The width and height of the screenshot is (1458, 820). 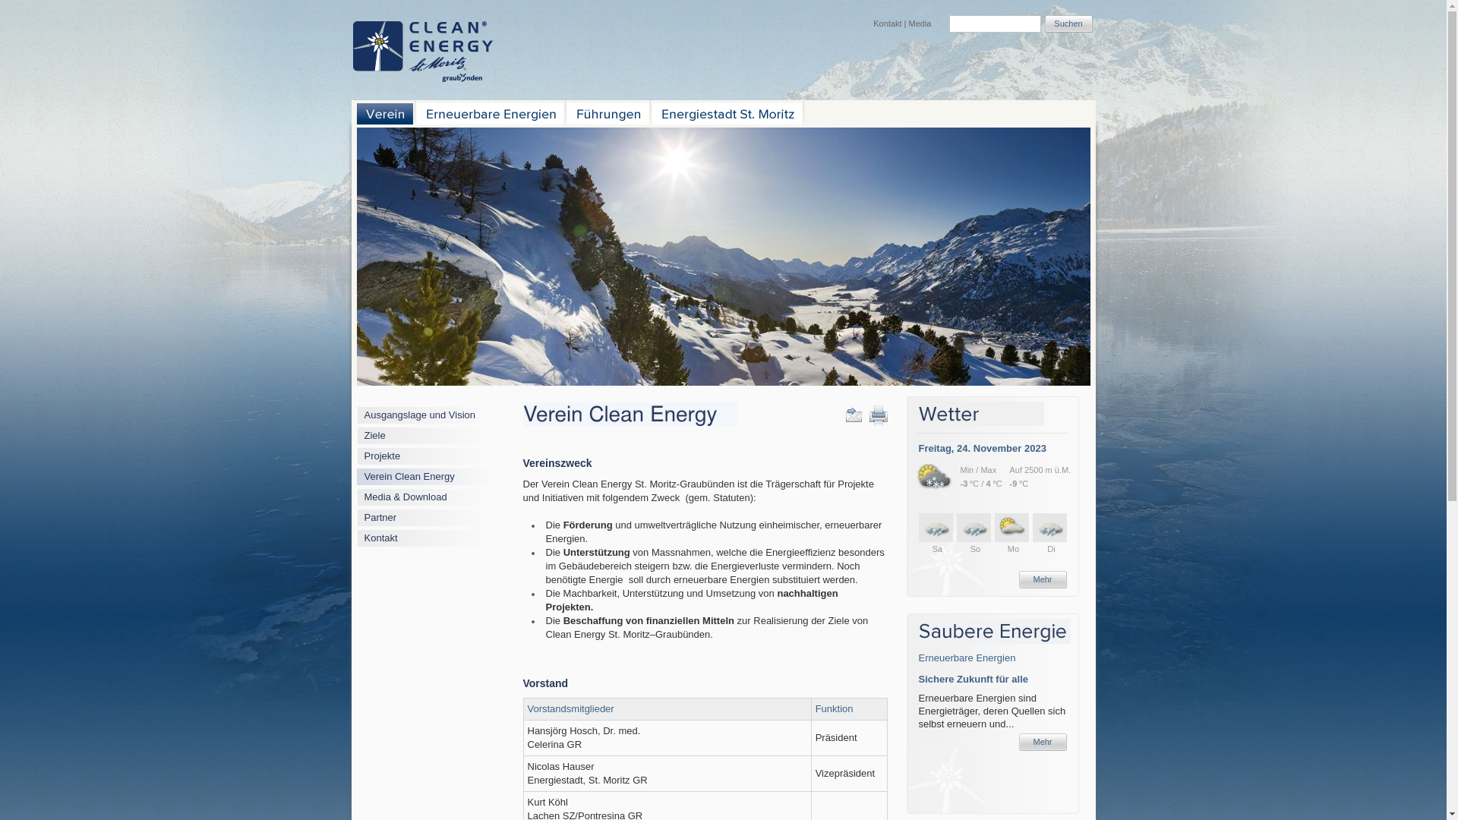 What do you see at coordinates (364, 475) in the screenshot?
I see `'Verein Clean Energy'` at bounding box center [364, 475].